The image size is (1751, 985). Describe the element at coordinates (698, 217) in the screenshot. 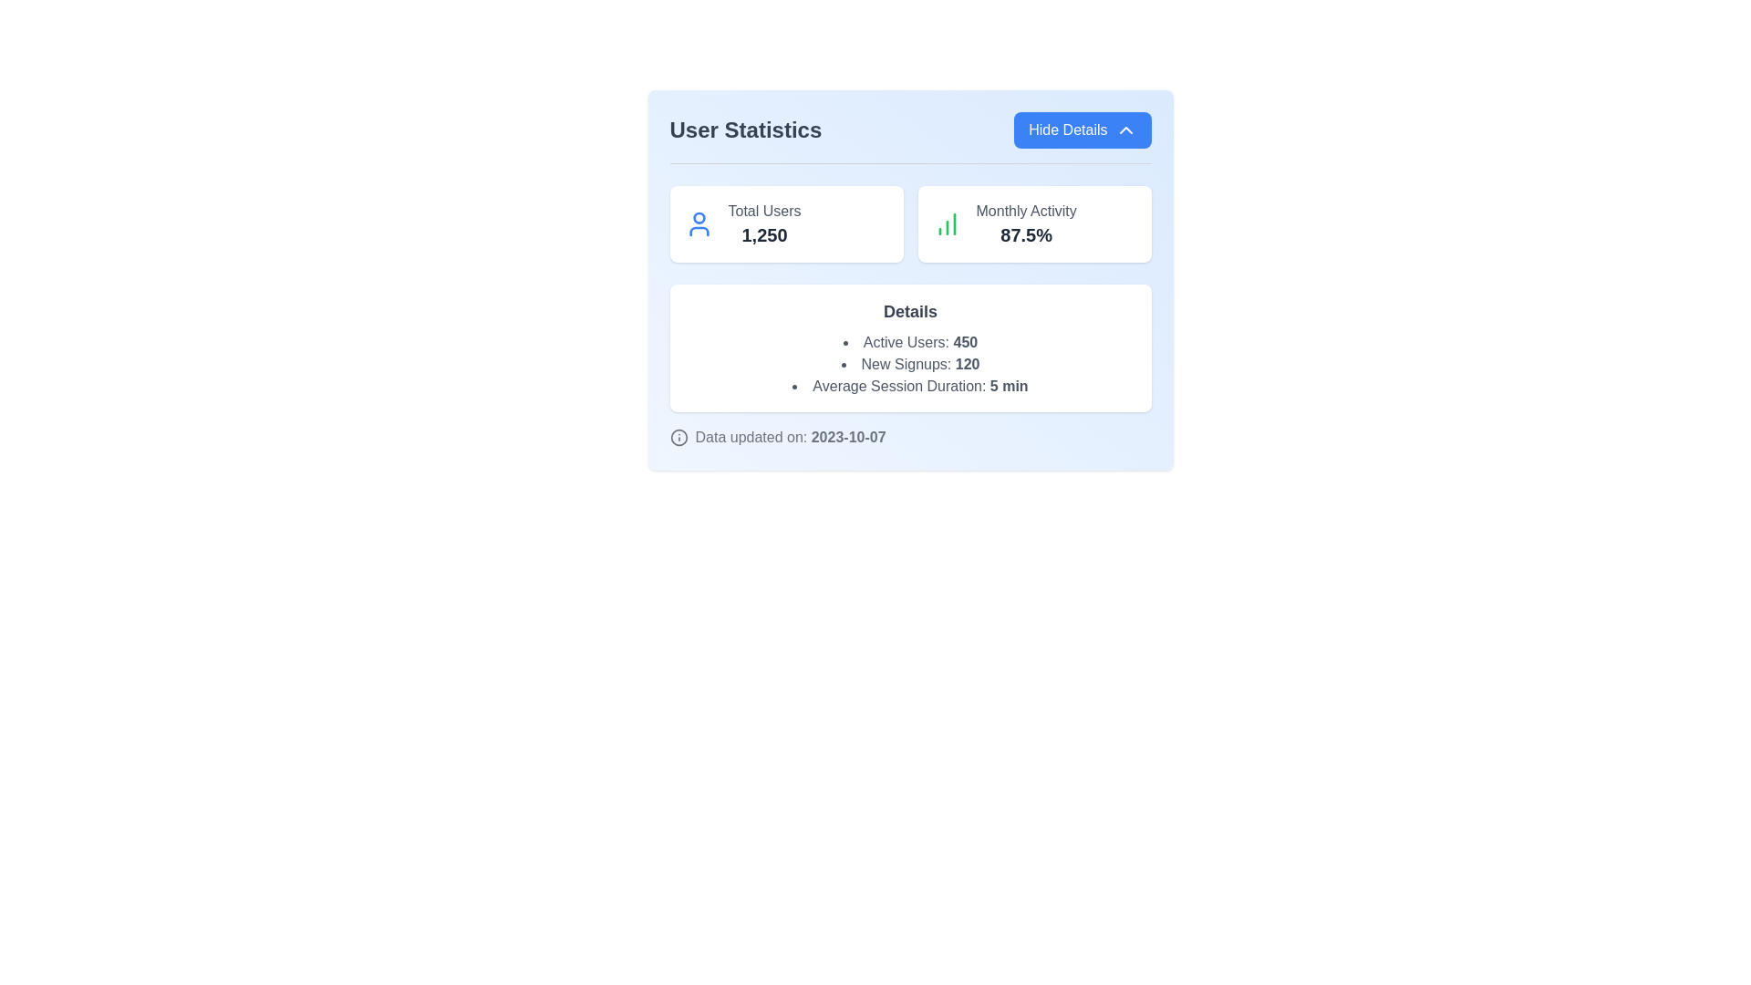

I see `the circular decorative element representing a user in the 'User Statistics' card, located next to the 'Total Users' label` at that location.